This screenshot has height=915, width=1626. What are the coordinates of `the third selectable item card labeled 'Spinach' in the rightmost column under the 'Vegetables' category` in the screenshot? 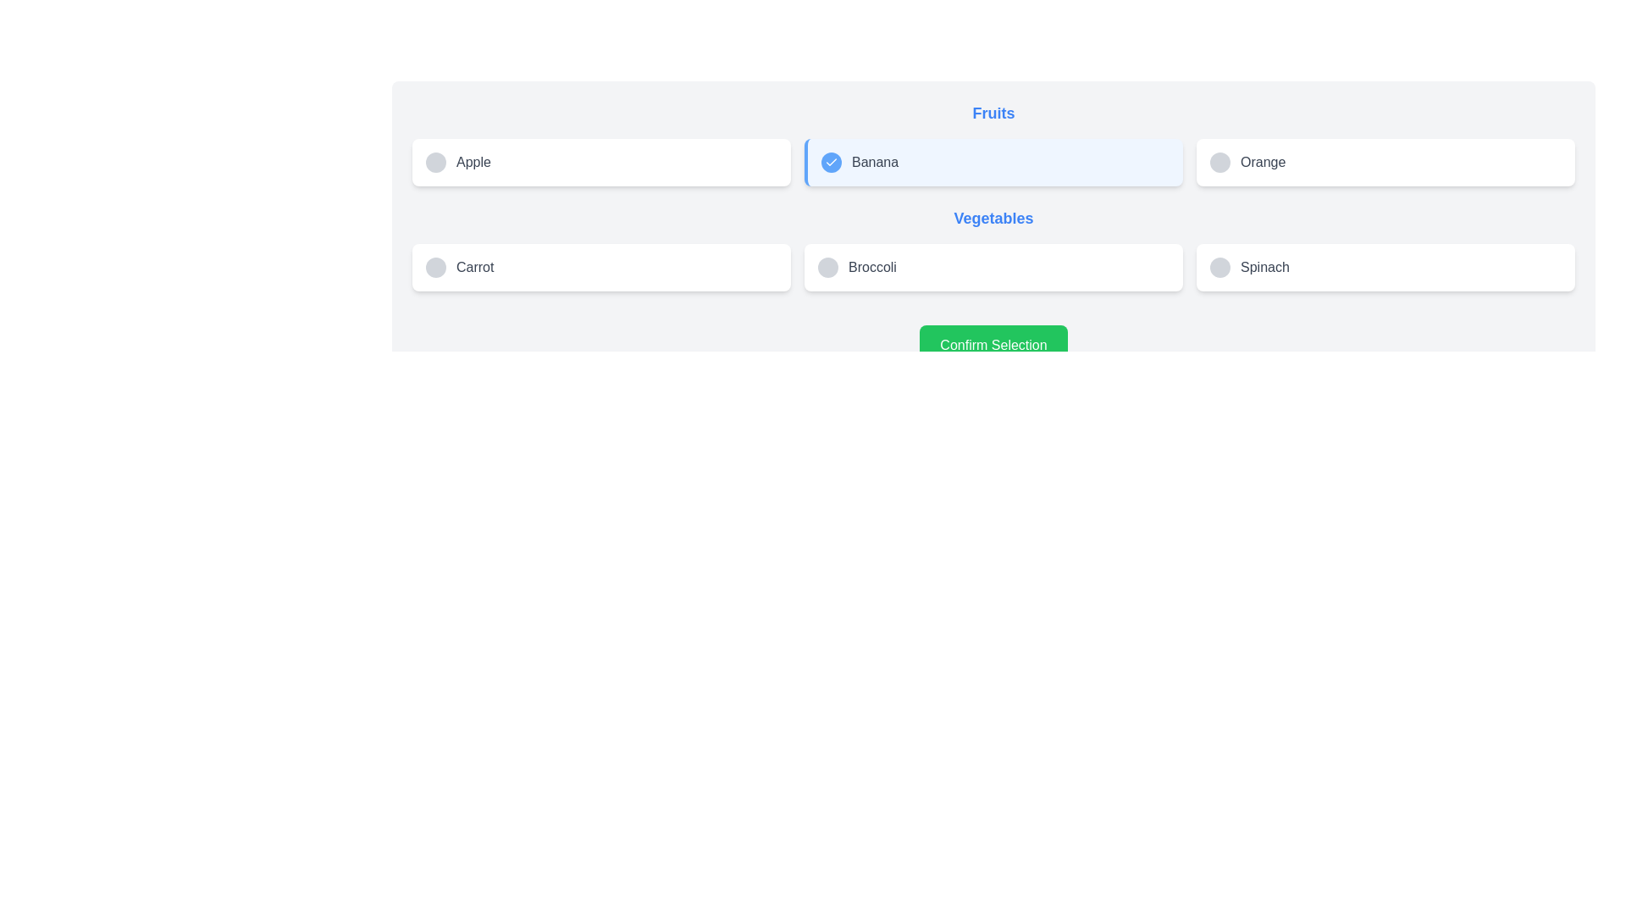 It's located at (1385, 267).